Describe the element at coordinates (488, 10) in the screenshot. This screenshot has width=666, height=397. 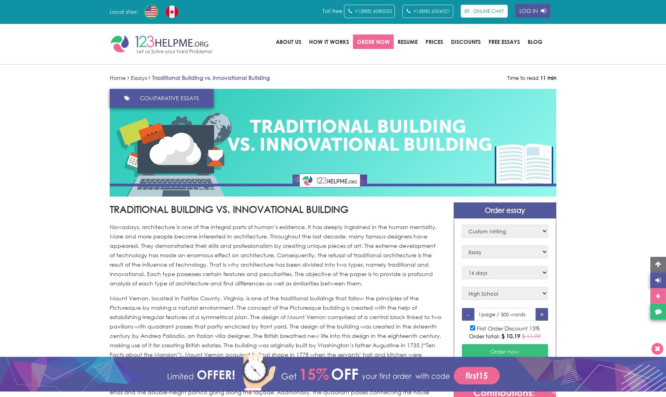
I see `'Online
                        Chat'` at that location.